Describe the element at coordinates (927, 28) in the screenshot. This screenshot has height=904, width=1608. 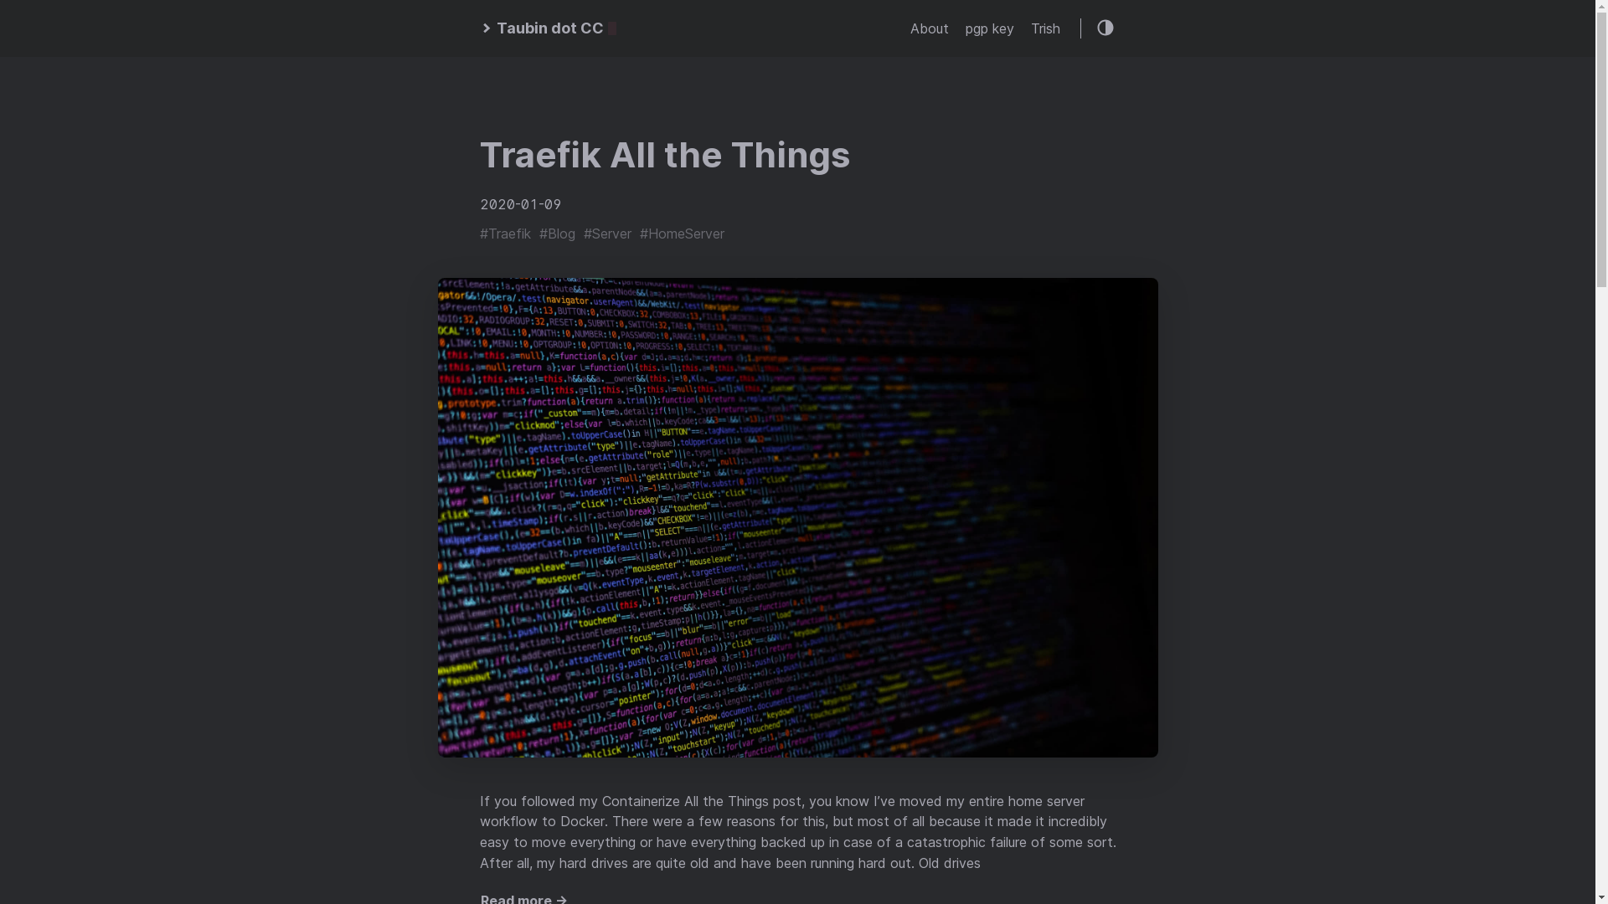
I see `'About'` at that location.